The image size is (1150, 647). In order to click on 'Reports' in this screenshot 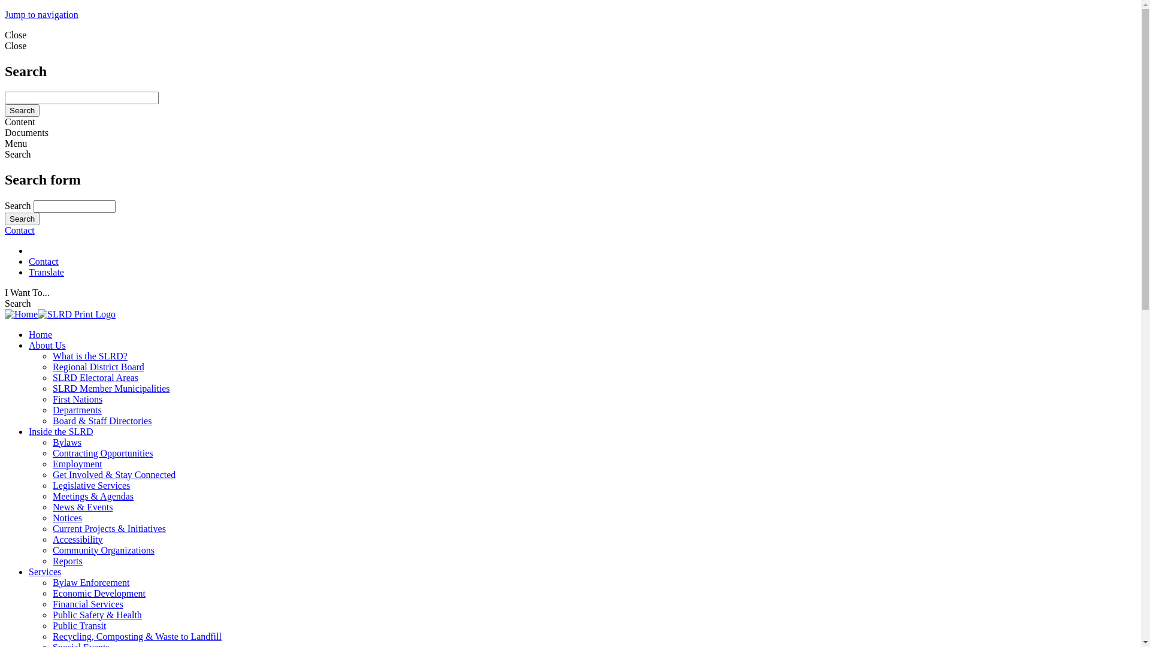, I will do `click(67, 561)`.